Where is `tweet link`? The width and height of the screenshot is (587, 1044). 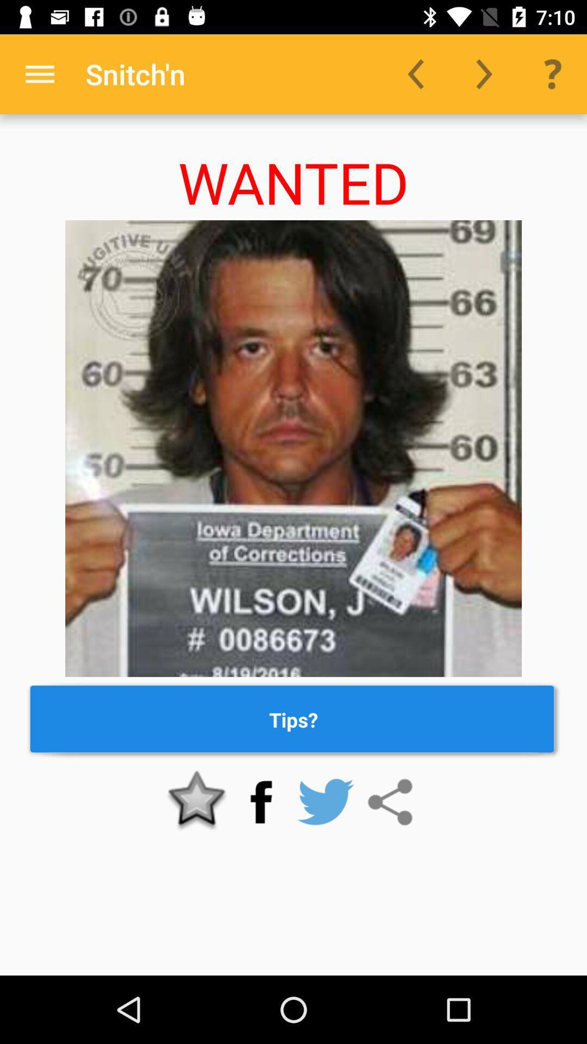 tweet link is located at coordinates (325, 802).